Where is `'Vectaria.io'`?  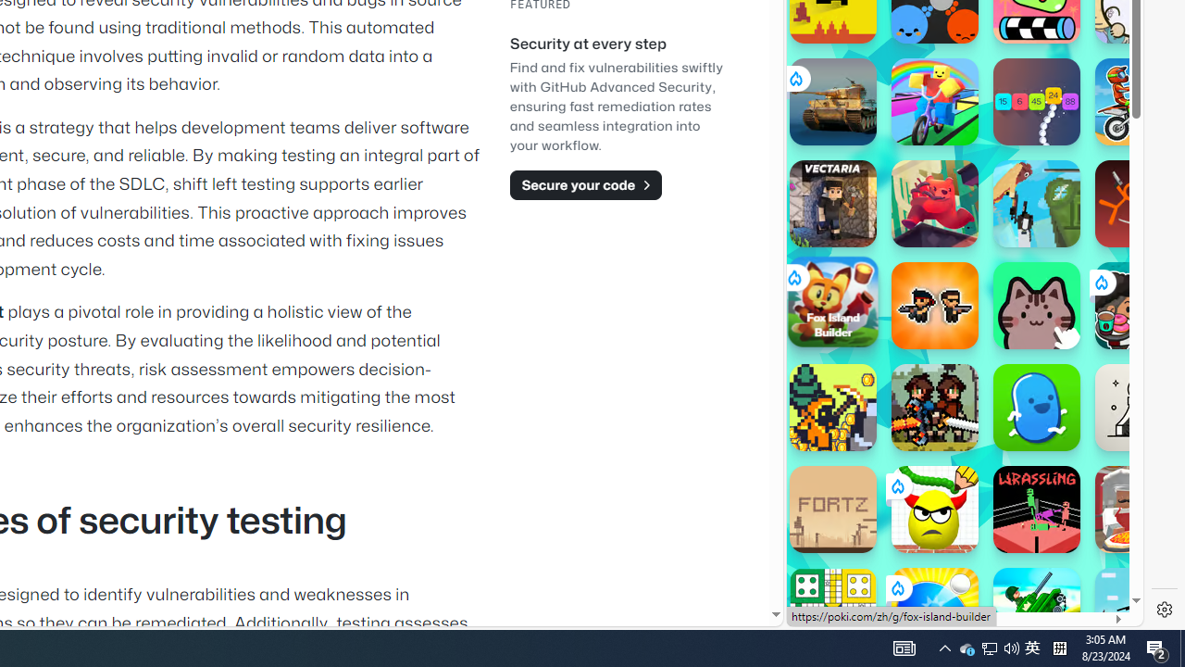
'Vectaria.io' is located at coordinates (831, 203).